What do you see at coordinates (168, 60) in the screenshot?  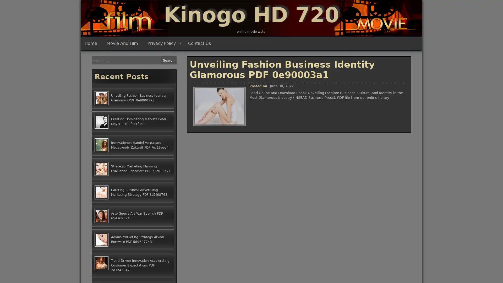 I see `Search` at bounding box center [168, 60].